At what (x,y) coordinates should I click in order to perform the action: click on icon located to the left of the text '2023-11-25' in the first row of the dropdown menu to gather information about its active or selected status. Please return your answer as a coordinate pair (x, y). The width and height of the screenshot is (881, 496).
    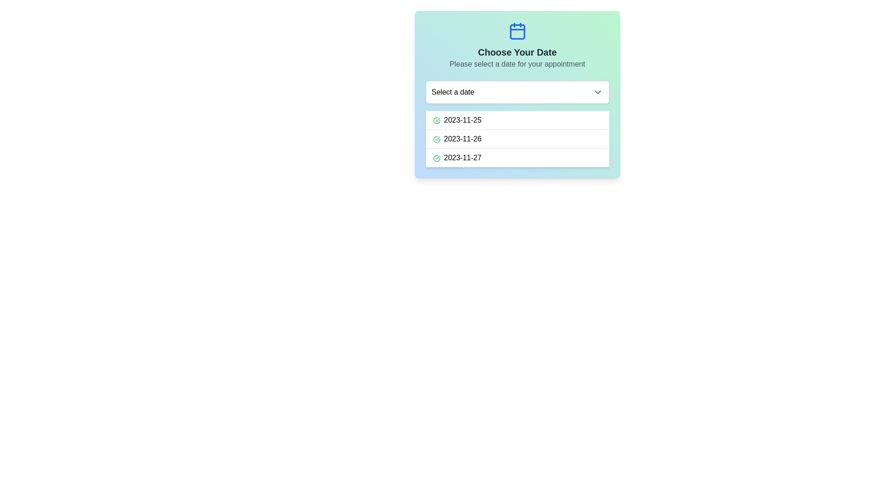
    Looking at the image, I should click on (436, 120).